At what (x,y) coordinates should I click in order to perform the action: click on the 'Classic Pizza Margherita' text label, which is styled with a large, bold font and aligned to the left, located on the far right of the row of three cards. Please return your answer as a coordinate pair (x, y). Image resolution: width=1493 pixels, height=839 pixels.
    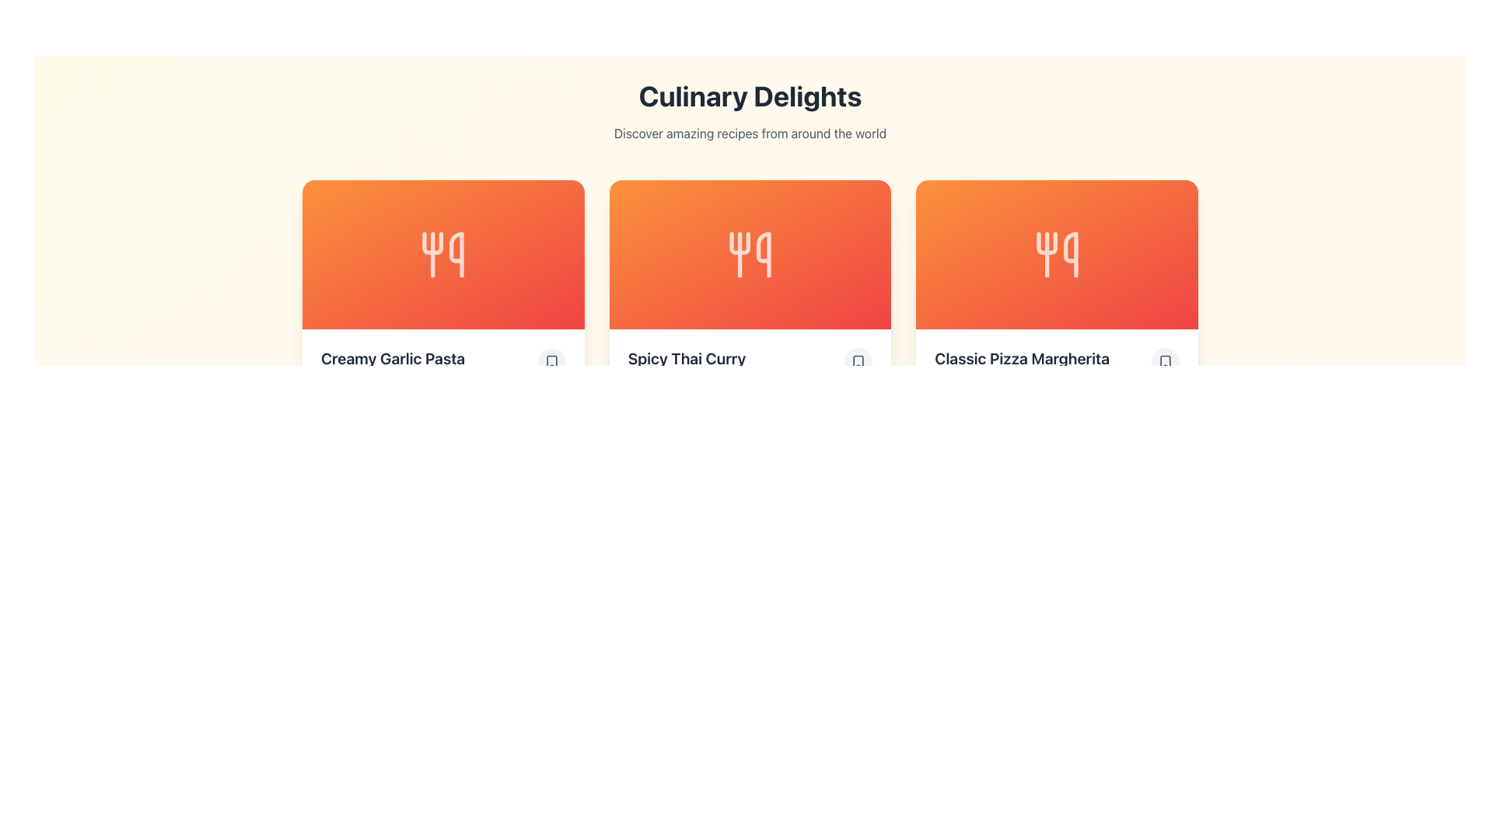
    Looking at the image, I should click on (1057, 362).